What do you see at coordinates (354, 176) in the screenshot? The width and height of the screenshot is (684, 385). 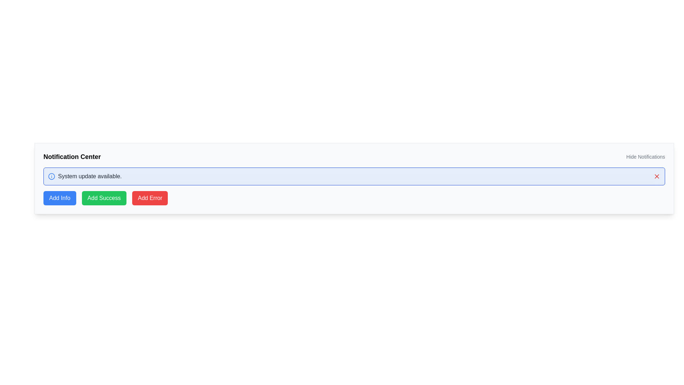 I see `the Notification banner that displays the message 'System update available.' with a light blue background, located below the title bar 'Notification Center'` at bounding box center [354, 176].